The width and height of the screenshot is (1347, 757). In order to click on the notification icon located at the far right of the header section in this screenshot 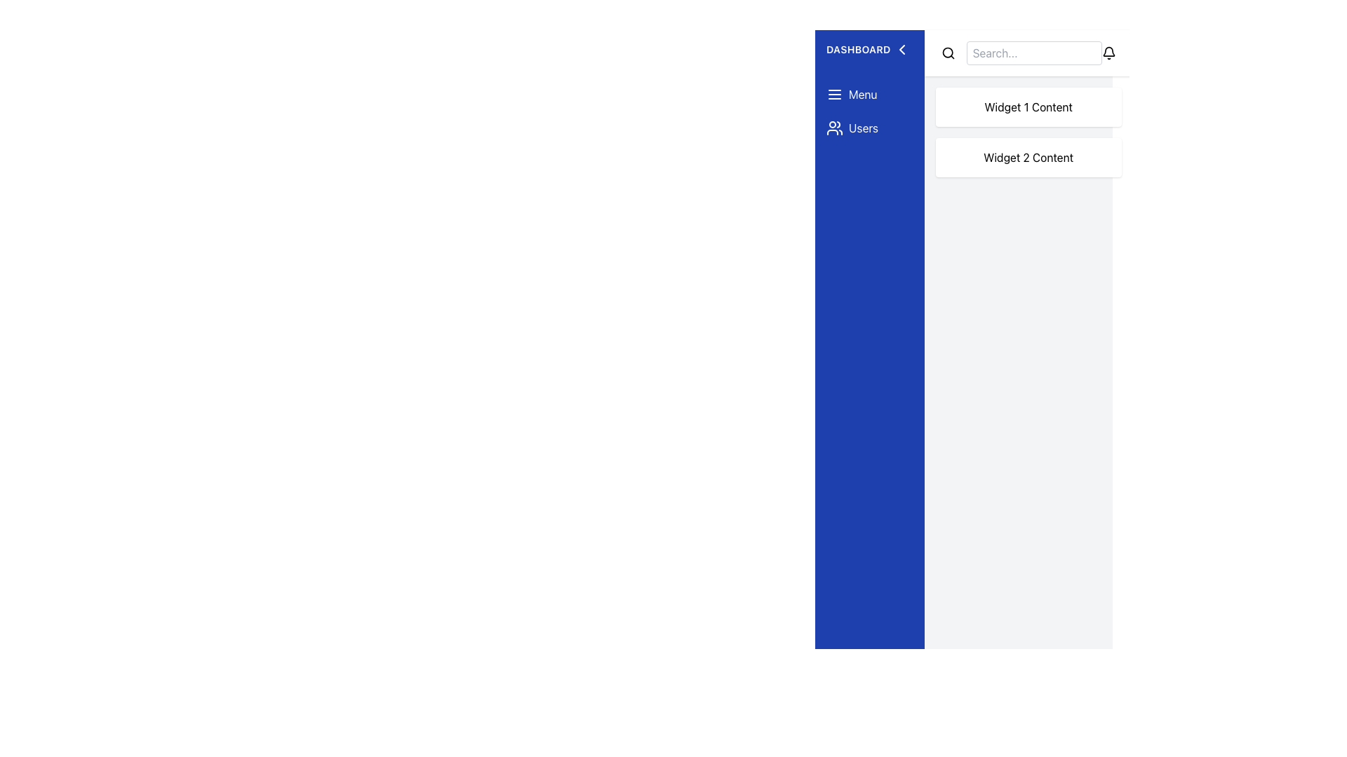, I will do `click(1108, 53)`.